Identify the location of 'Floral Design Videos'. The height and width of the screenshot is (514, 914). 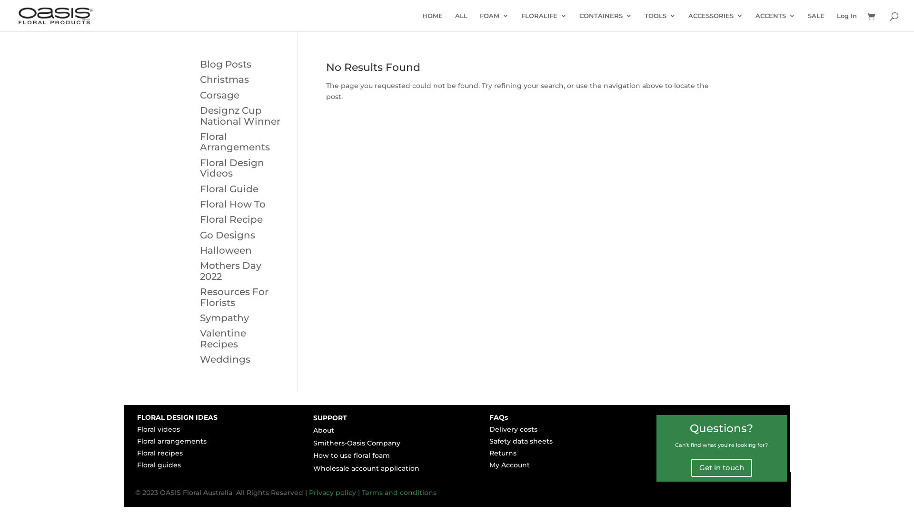
(199, 168).